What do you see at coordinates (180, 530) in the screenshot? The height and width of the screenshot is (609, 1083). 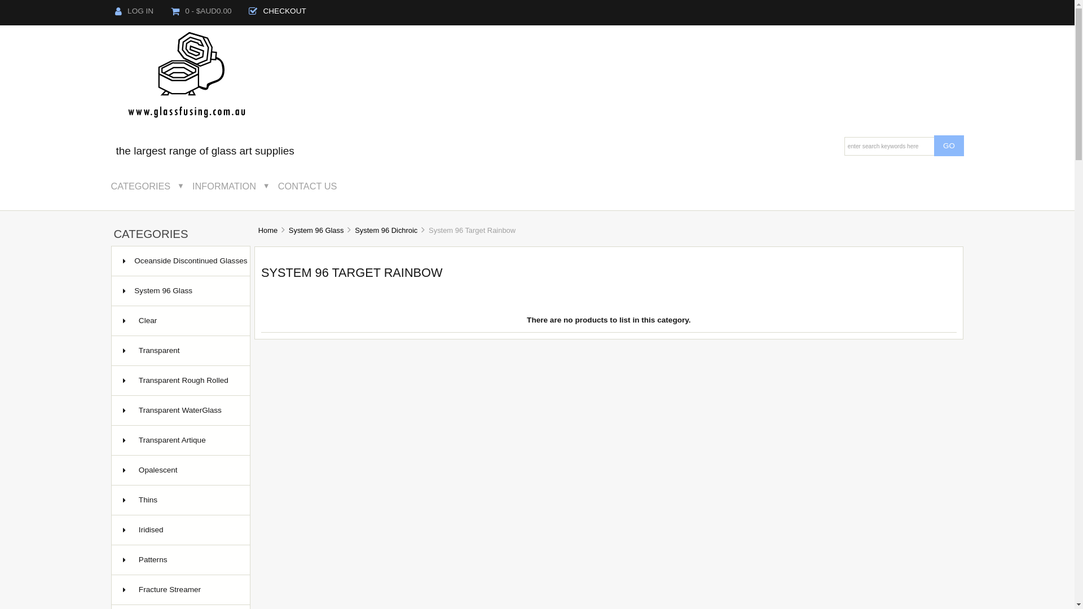 I see `'  Iridised` at bounding box center [180, 530].